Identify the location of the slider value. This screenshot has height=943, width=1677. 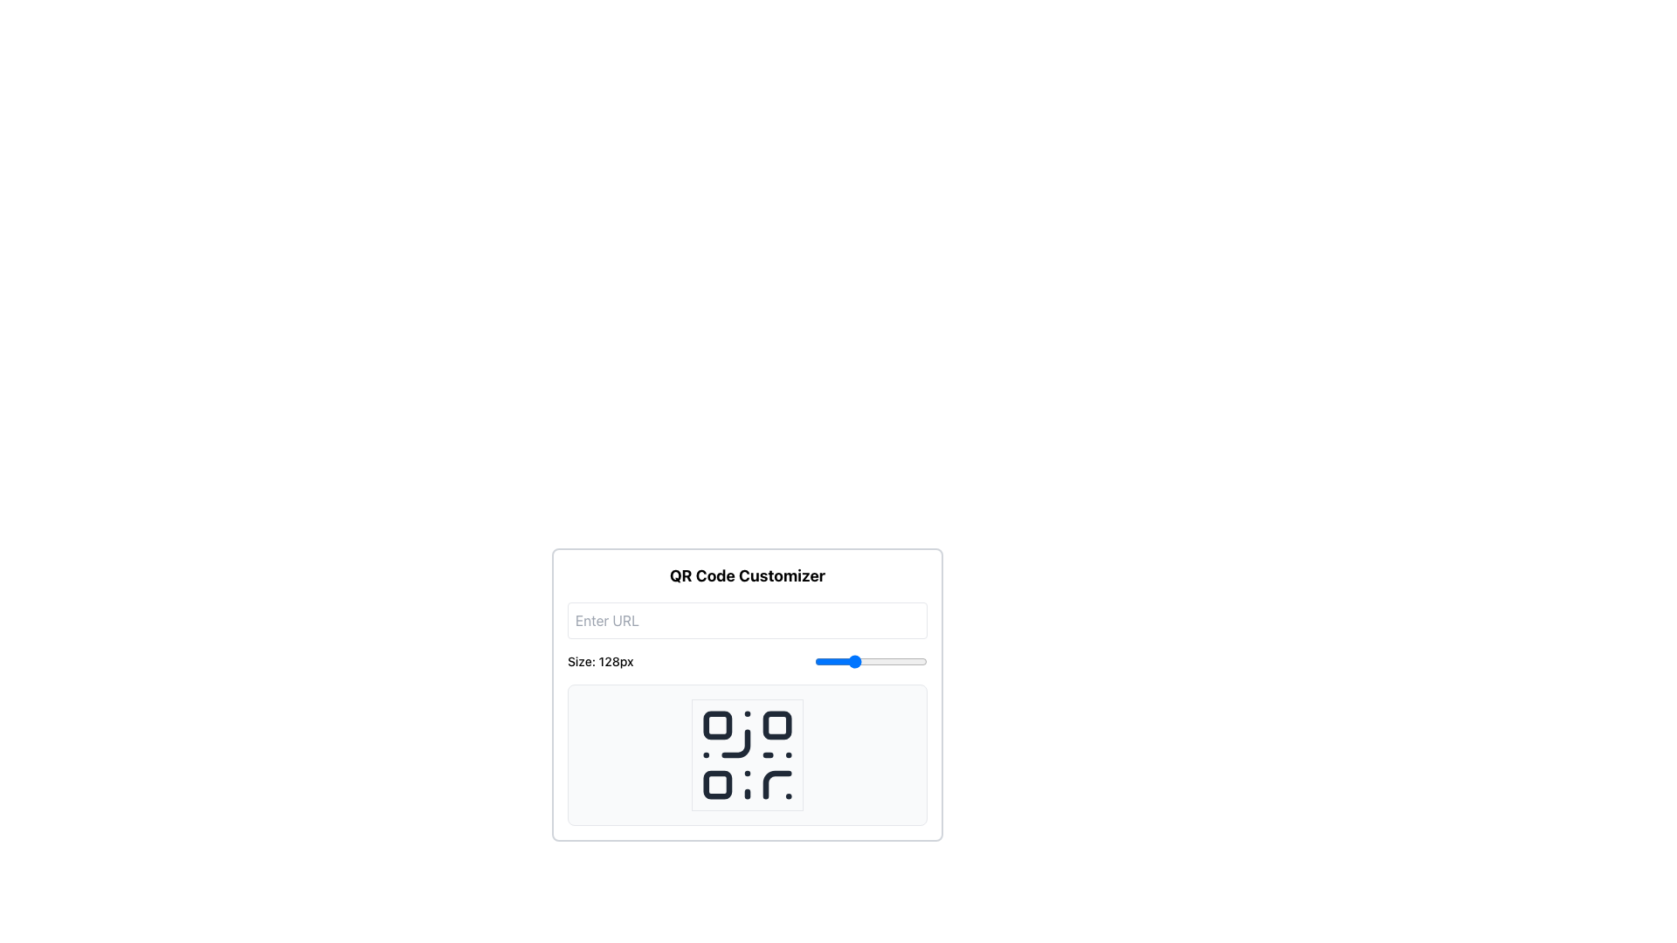
(828, 662).